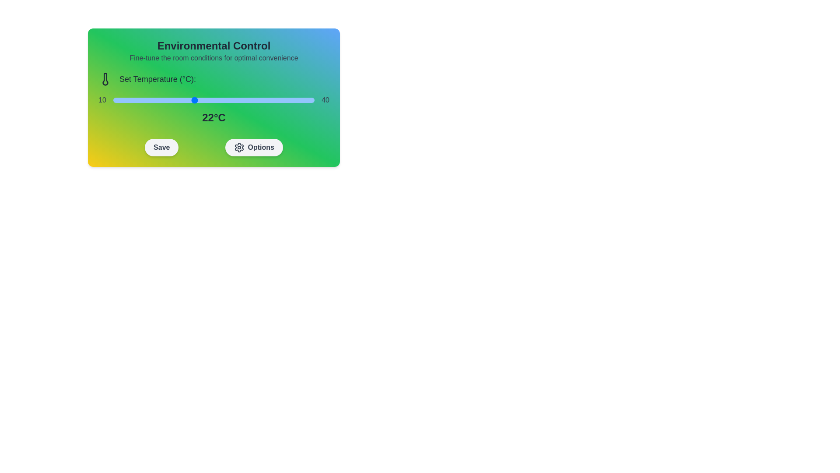  I want to click on the decorative bulb component of the thermometer icon positioned at the bottom of the thermometer, located to the left of the 'Set Temperature (°C):' text label, so click(105, 79).